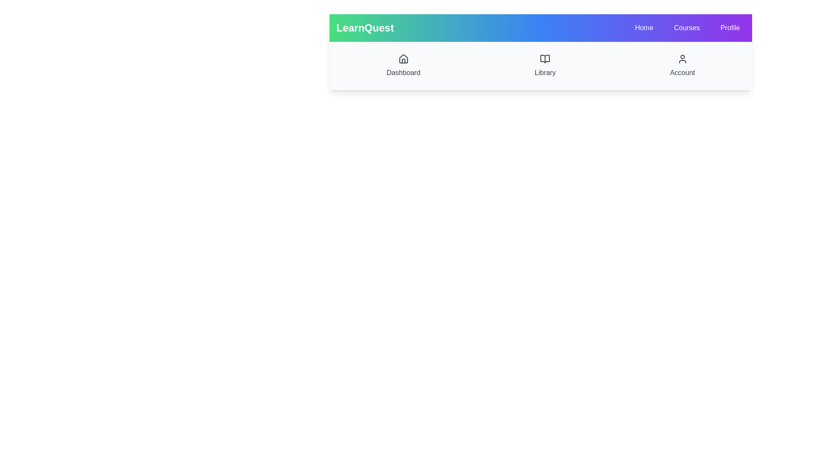  What do you see at coordinates (686, 28) in the screenshot?
I see `the Courses to observe its hover effect` at bounding box center [686, 28].